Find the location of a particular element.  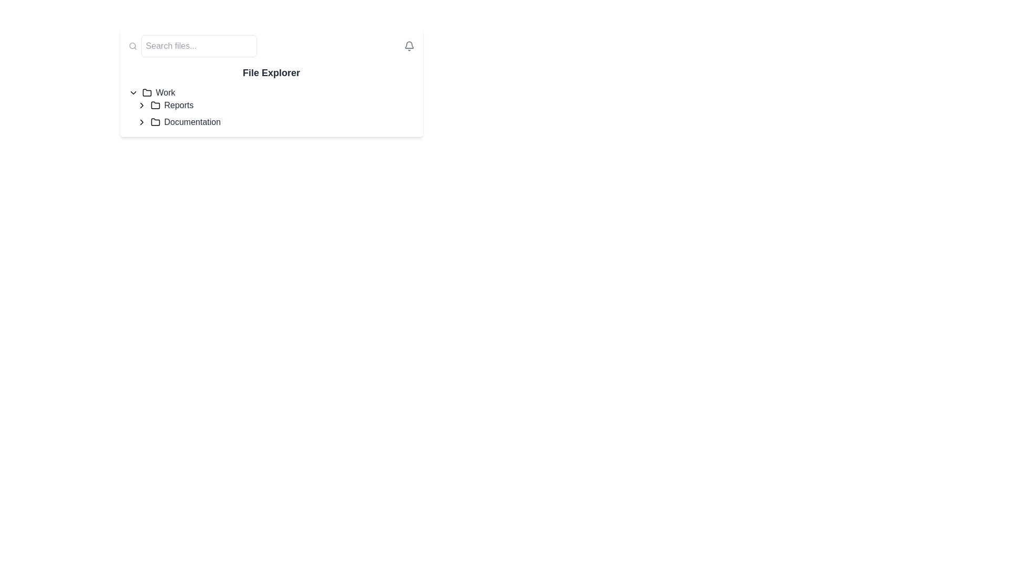

the static text label 'Reports' is located at coordinates (179, 105).